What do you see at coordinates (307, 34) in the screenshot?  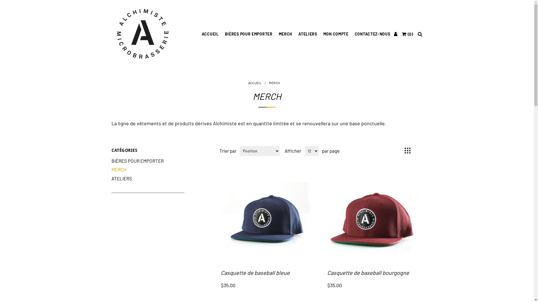 I see `'ATELIERS'` at bounding box center [307, 34].